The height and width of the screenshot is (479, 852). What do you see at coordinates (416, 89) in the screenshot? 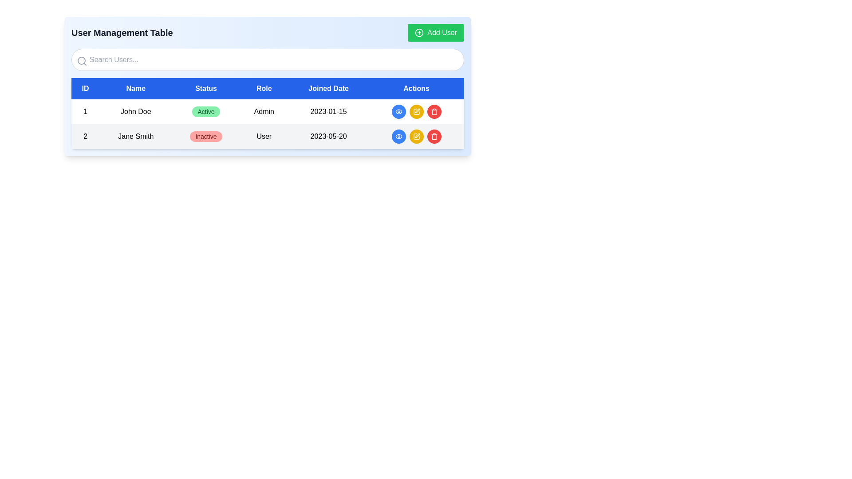
I see `the Table Header Cell labeled 'Actions', which has a blue background and is the last element in the horizontal header row` at bounding box center [416, 89].